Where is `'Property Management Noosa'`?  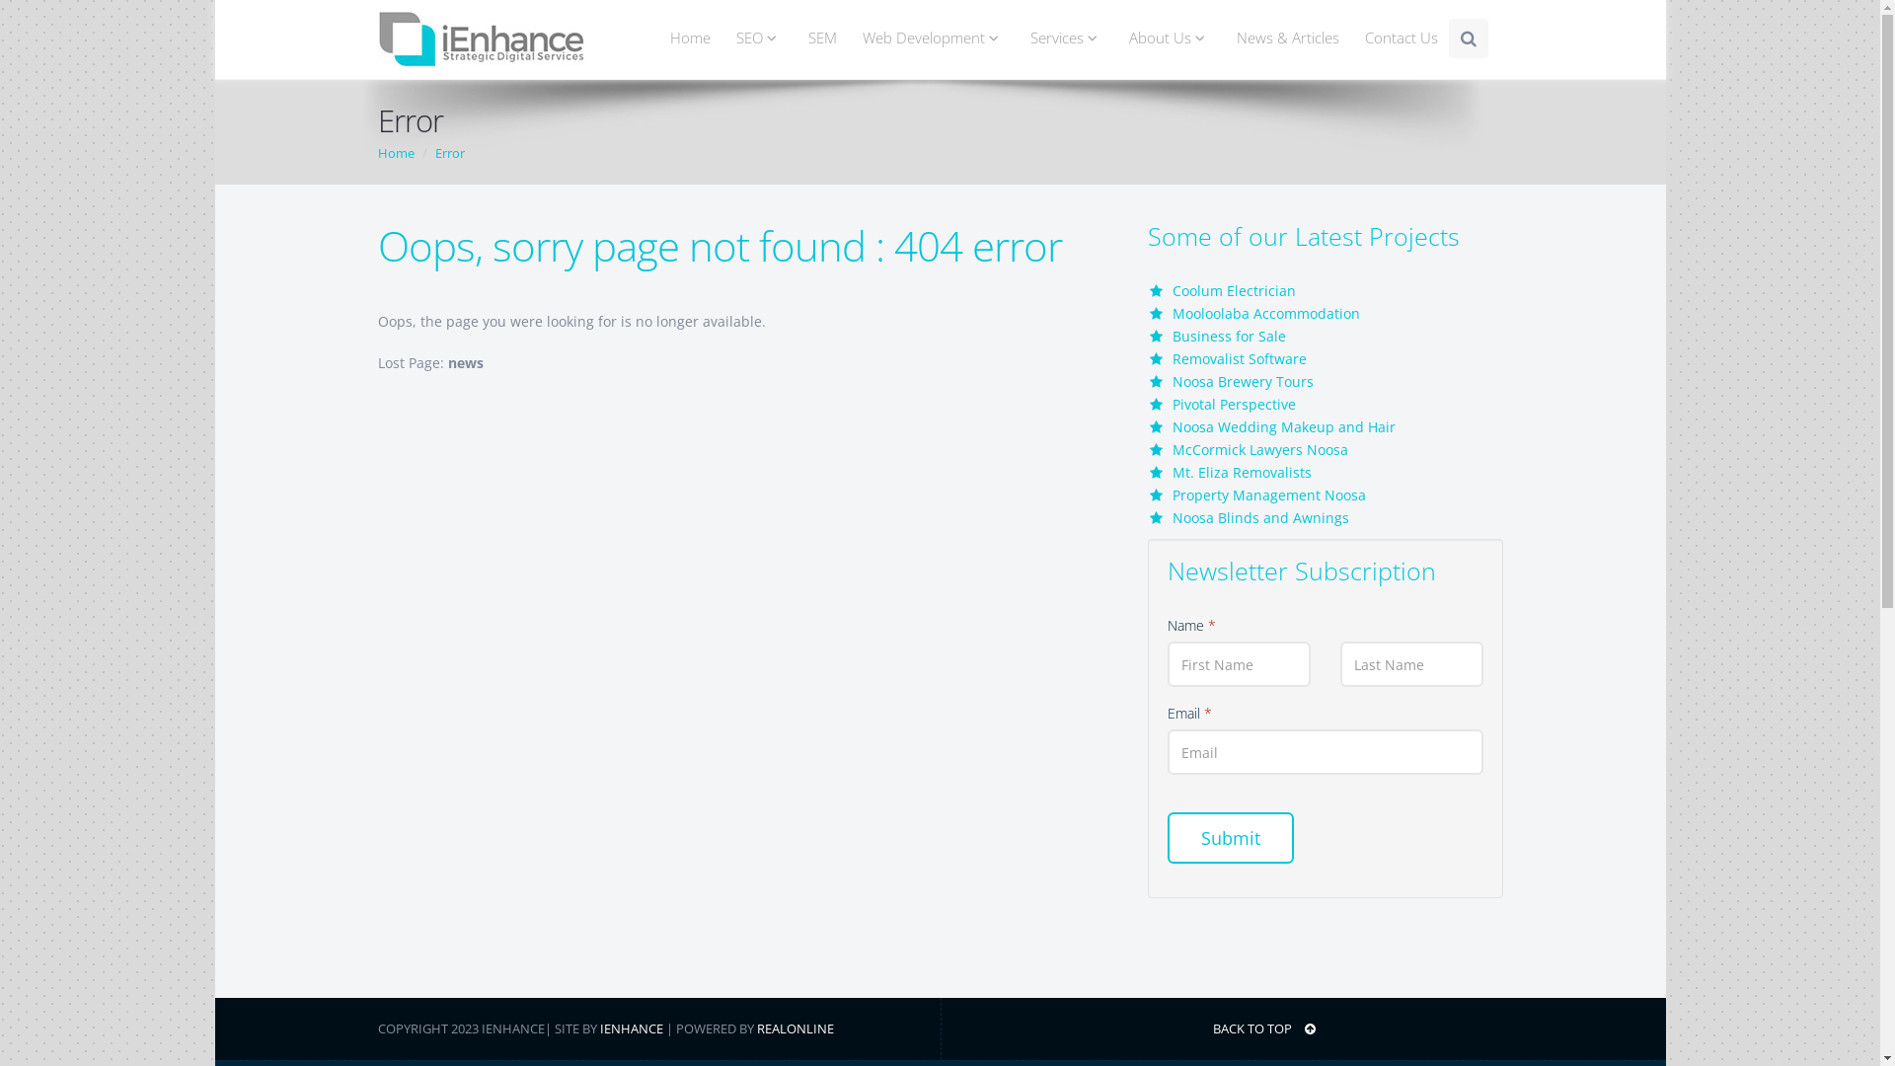 'Property Management Noosa' is located at coordinates (1269, 494).